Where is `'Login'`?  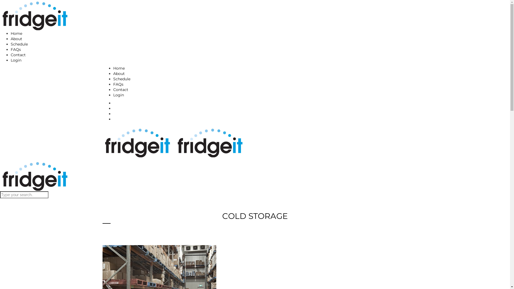 'Login' is located at coordinates (118, 94).